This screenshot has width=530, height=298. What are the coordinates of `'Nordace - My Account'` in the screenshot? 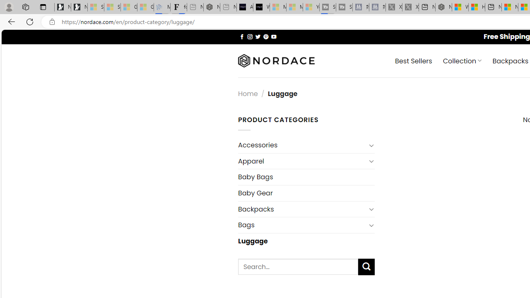 It's located at (443, 7).